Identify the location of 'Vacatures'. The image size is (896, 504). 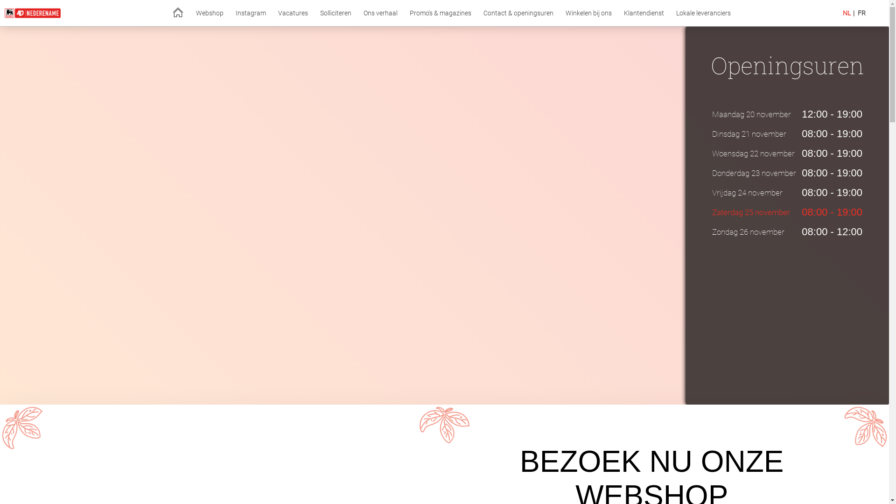
(271, 13).